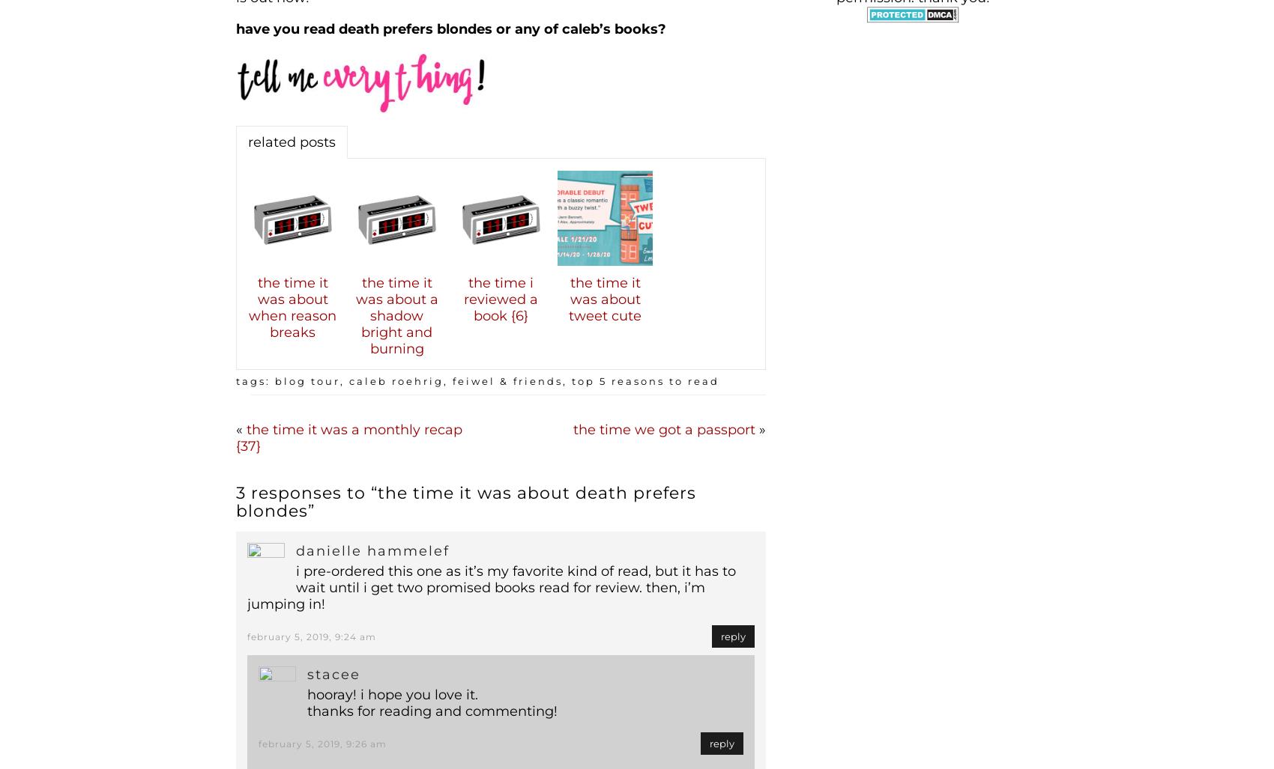  What do you see at coordinates (291, 140) in the screenshot?
I see `'Related Posts'` at bounding box center [291, 140].